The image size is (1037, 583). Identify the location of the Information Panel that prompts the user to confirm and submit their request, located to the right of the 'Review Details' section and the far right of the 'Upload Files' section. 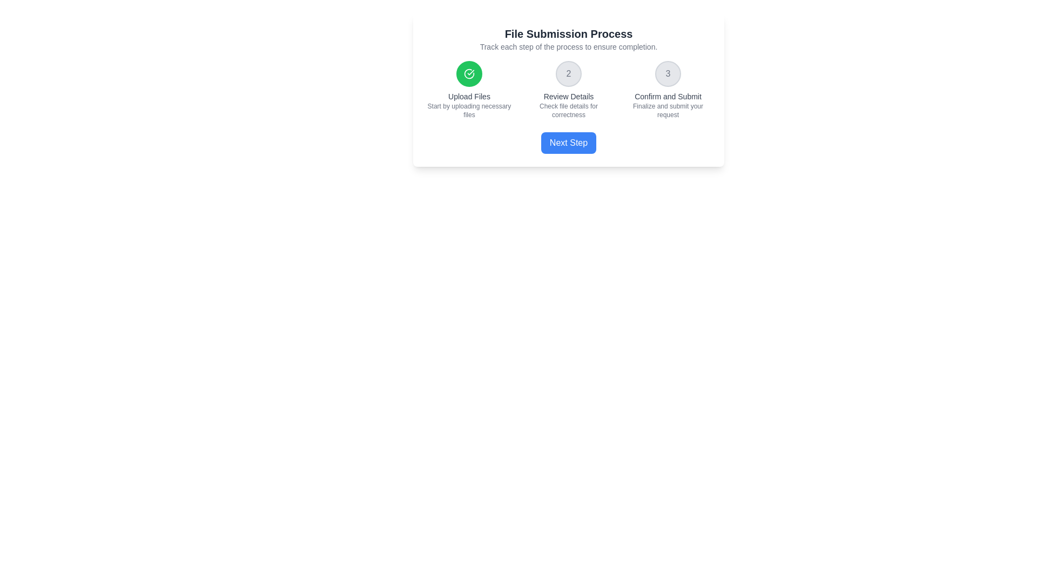
(668, 89).